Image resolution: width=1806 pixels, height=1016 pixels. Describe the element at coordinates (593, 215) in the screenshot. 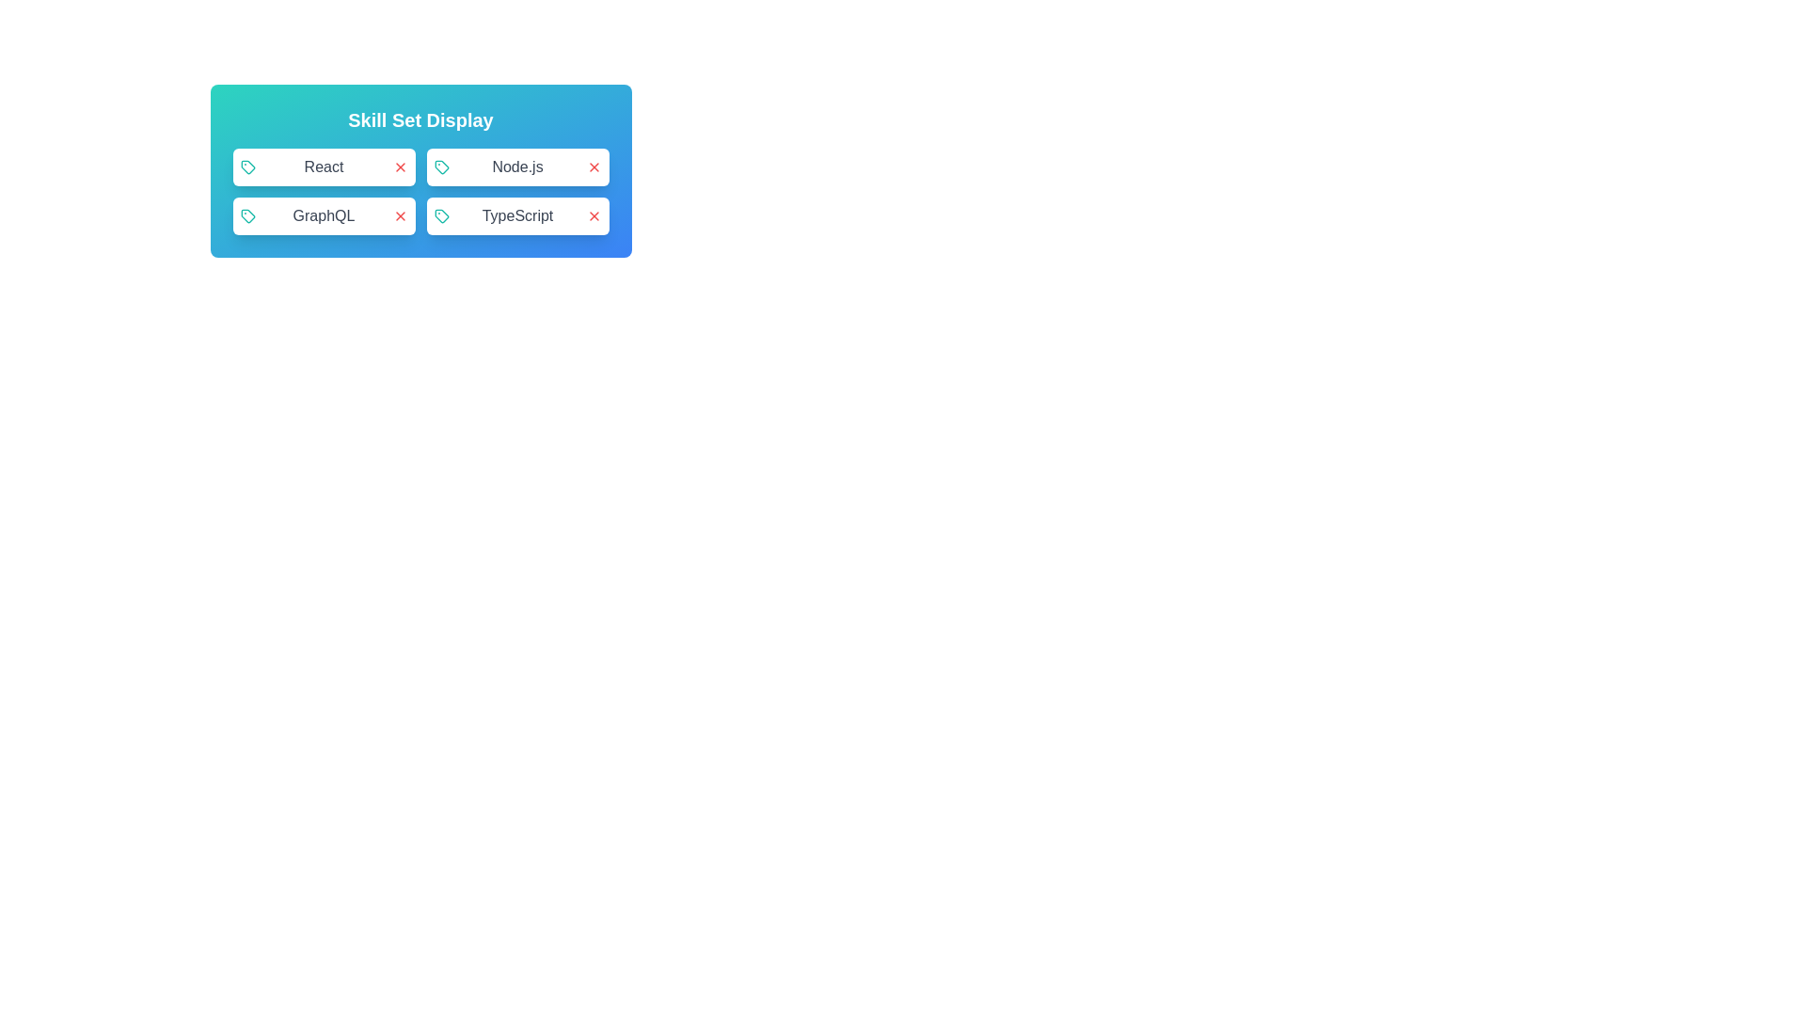

I see `close button next to the skill TypeScript to remove it` at that location.